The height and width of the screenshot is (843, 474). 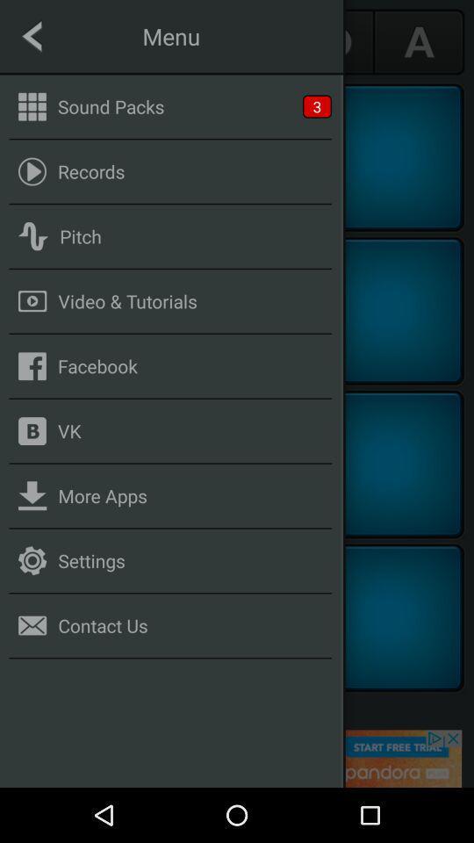 What do you see at coordinates (54, 41) in the screenshot?
I see `the arrow_backward icon` at bounding box center [54, 41].